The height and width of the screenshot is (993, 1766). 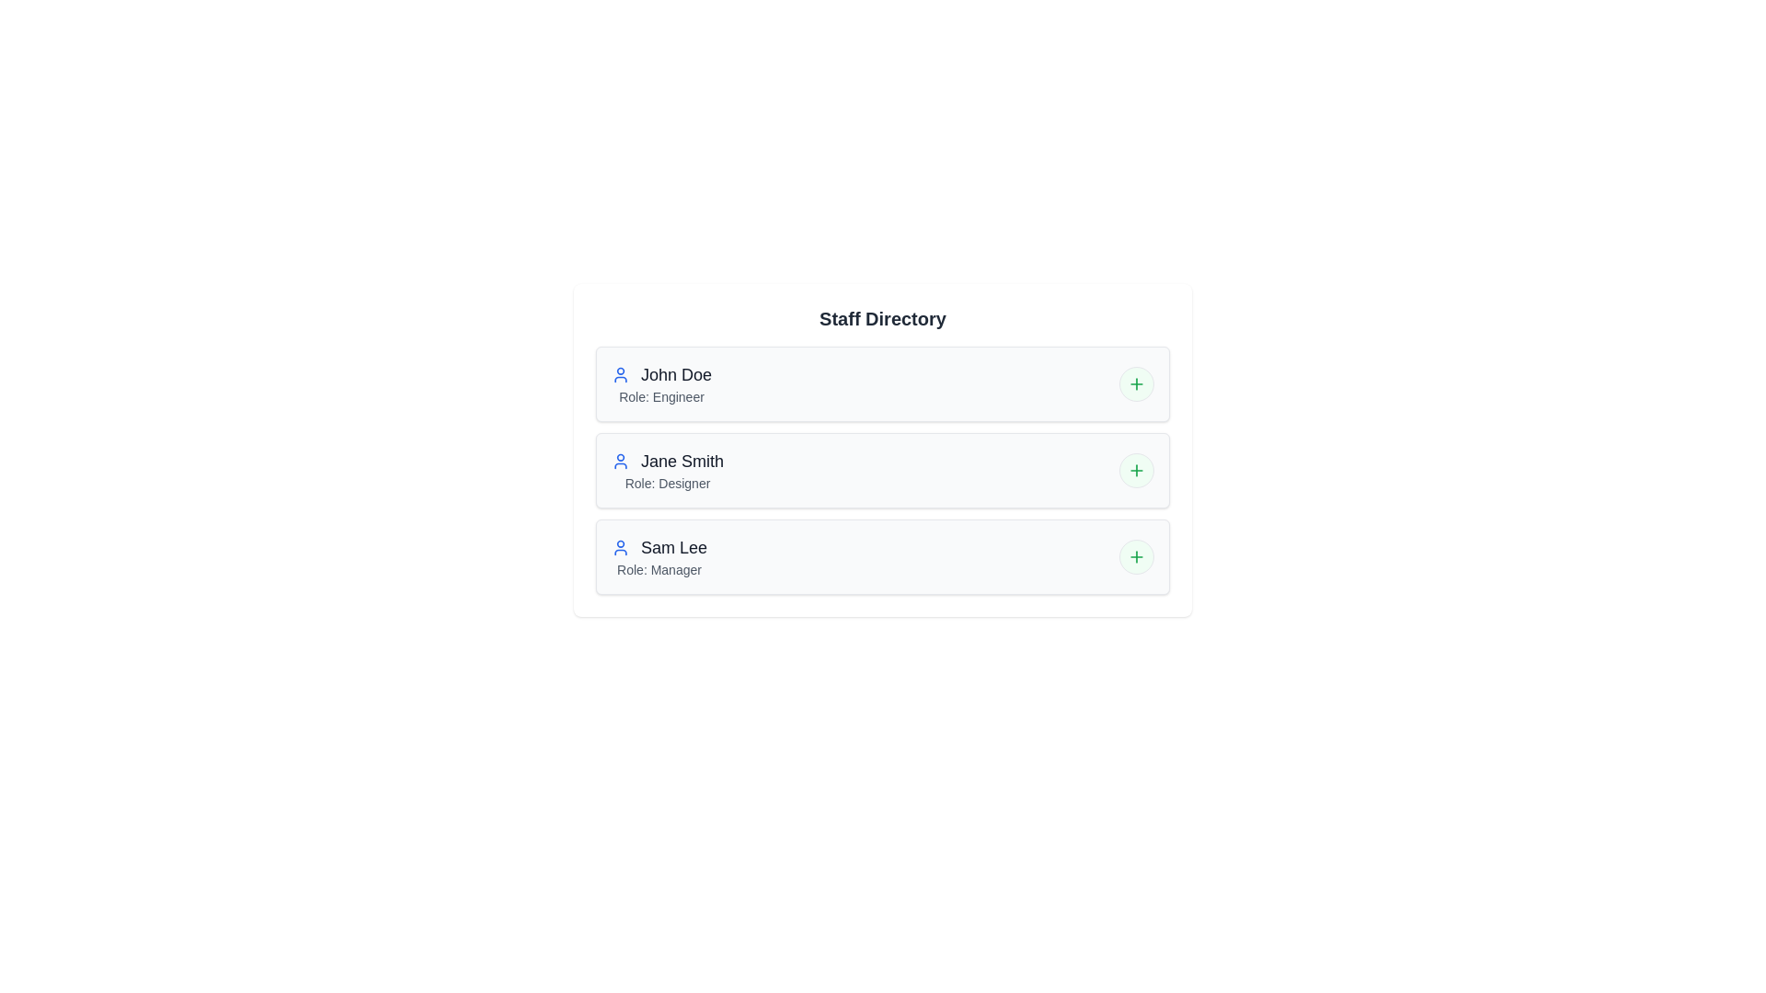 What do you see at coordinates (1136, 382) in the screenshot?
I see `the expand/collapse button for John Doe` at bounding box center [1136, 382].